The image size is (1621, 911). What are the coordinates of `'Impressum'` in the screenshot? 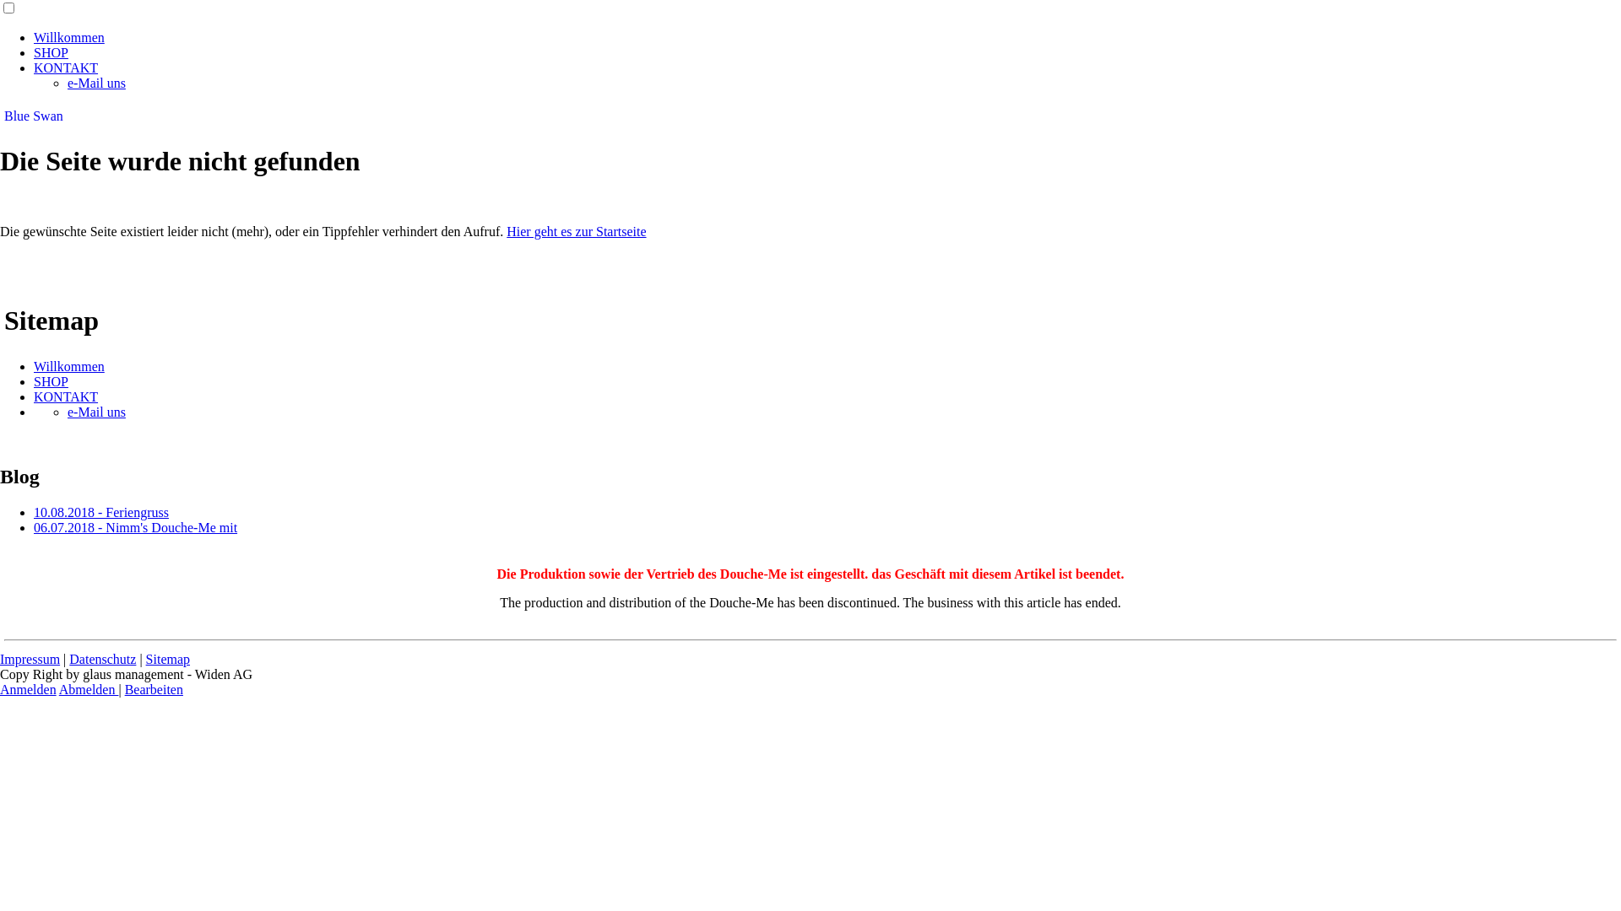 It's located at (30, 658).